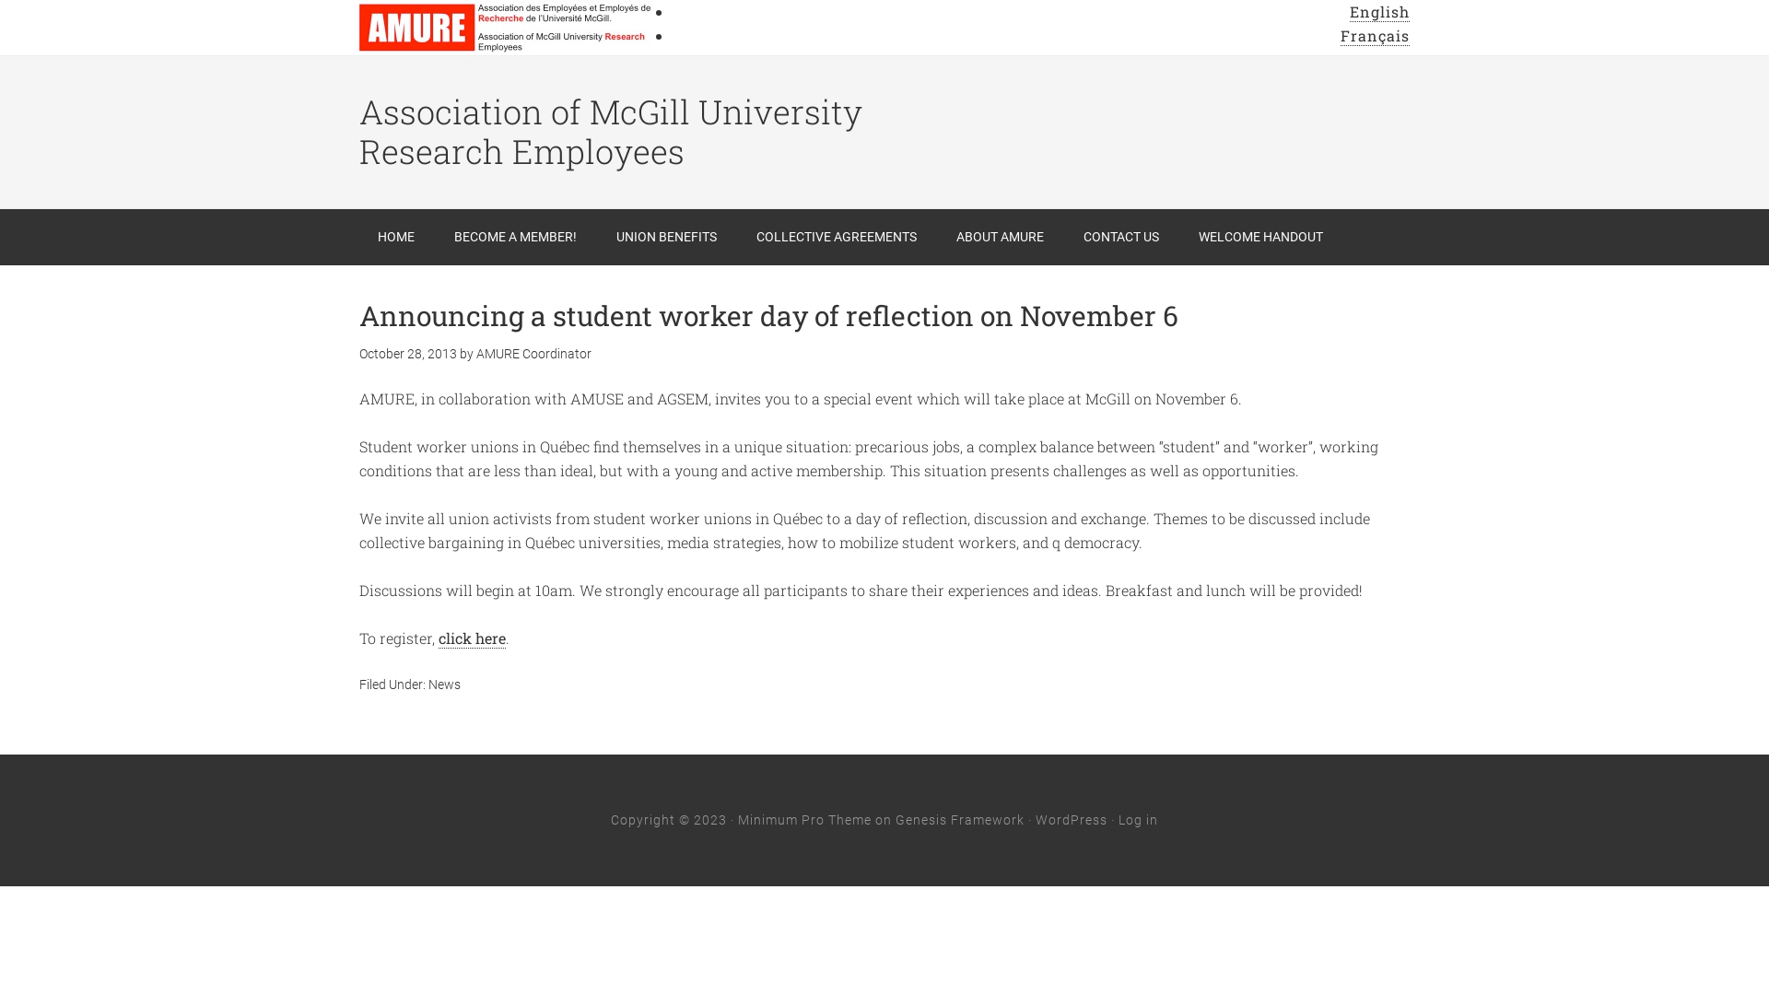 Image resolution: width=1769 pixels, height=995 pixels. What do you see at coordinates (533, 354) in the screenshot?
I see `'AMURE Coordinator'` at bounding box center [533, 354].